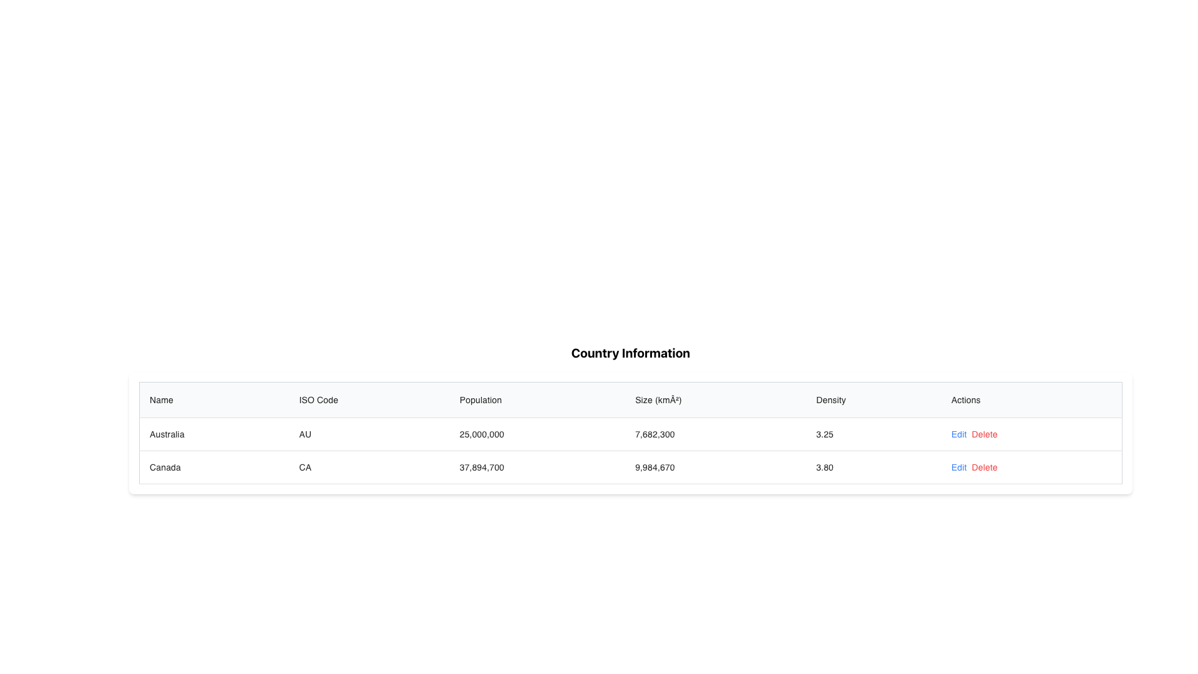 The width and height of the screenshot is (1198, 674). I want to click on the table cell containing the name 'Canada', so click(214, 467).